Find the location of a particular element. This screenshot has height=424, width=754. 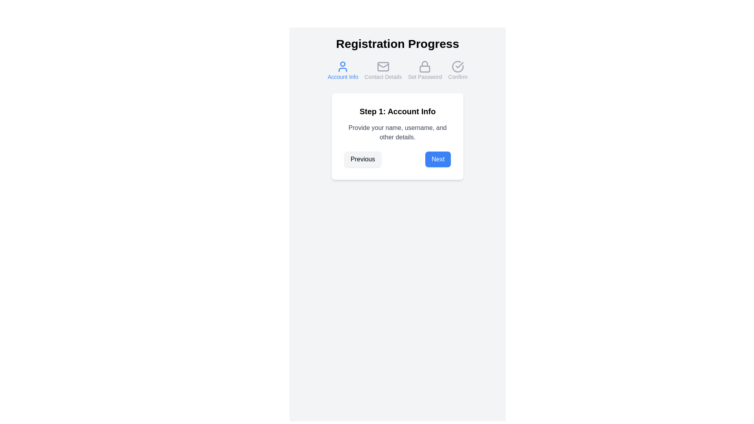

the blue person icon or the 'Account Info' text is located at coordinates (343, 71).